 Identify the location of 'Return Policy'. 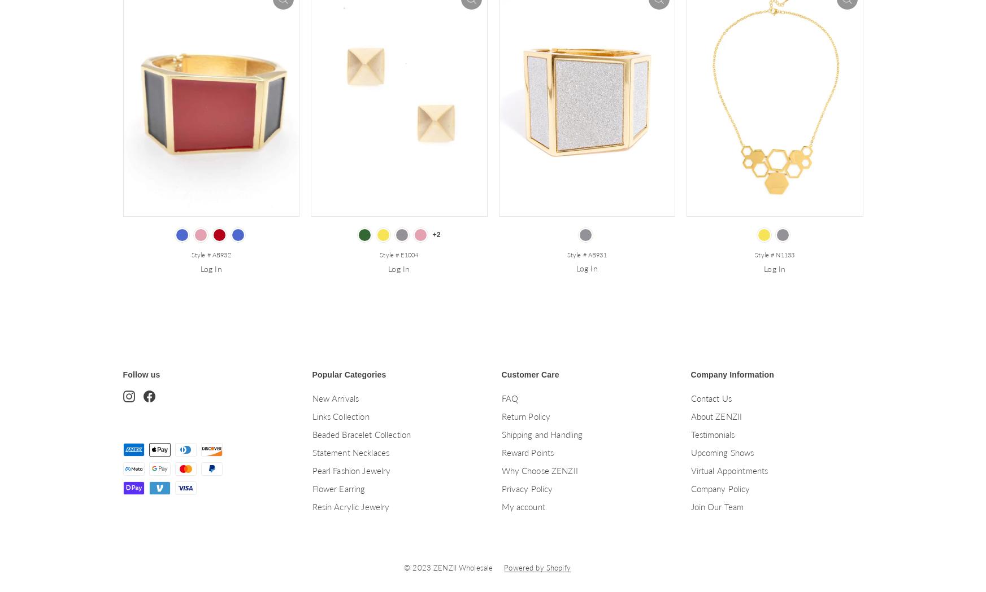
(525, 415).